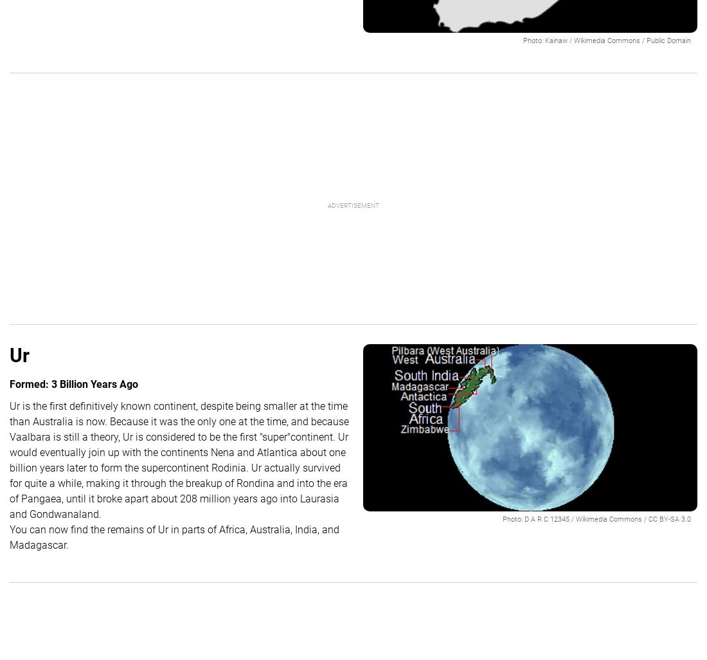 The height and width of the screenshot is (660, 707). What do you see at coordinates (19, 354) in the screenshot?
I see `'Ur'` at bounding box center [19, 354].